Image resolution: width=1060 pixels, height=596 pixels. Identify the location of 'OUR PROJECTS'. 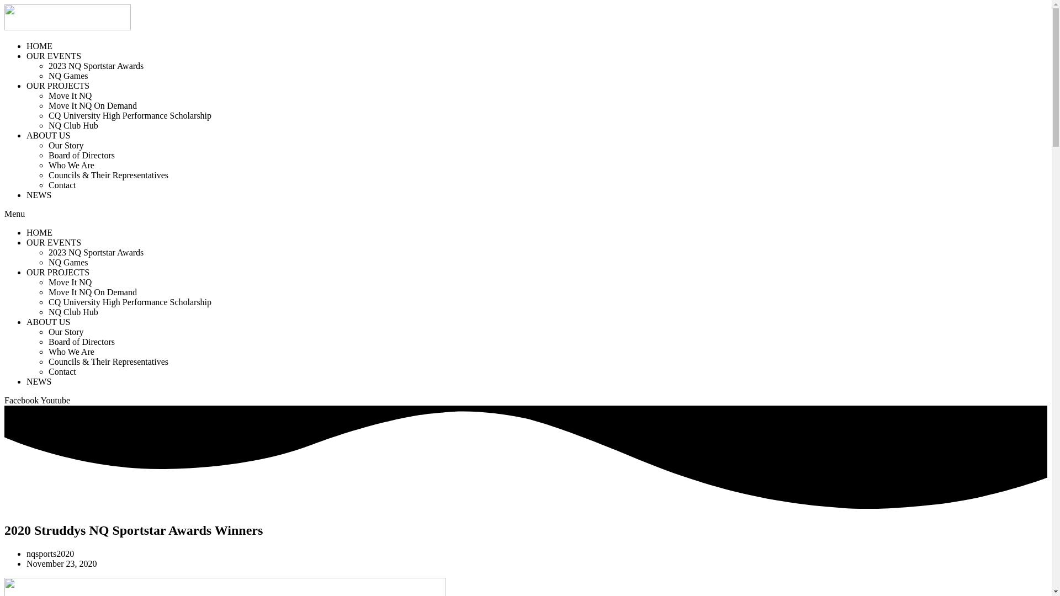
(57, 272).